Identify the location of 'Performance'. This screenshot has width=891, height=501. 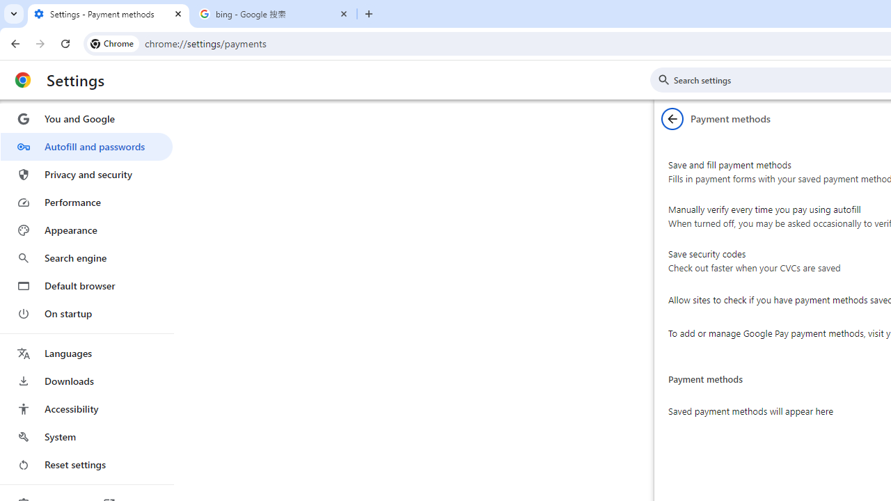
(86, 202).